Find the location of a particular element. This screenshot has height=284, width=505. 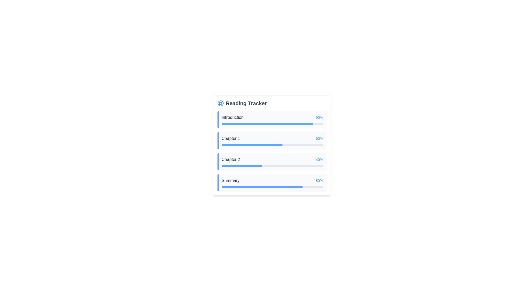

the text label displaying '80%' styled in blue color, located to the right of the 'Summary' label is located at coordinates (319, 180).